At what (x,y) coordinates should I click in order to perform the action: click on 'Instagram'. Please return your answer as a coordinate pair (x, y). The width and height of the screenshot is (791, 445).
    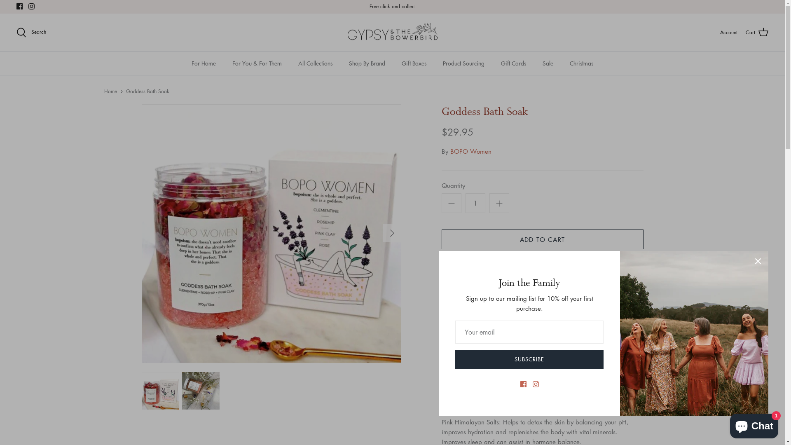
    Looking at the image, I should click on (31, 6).